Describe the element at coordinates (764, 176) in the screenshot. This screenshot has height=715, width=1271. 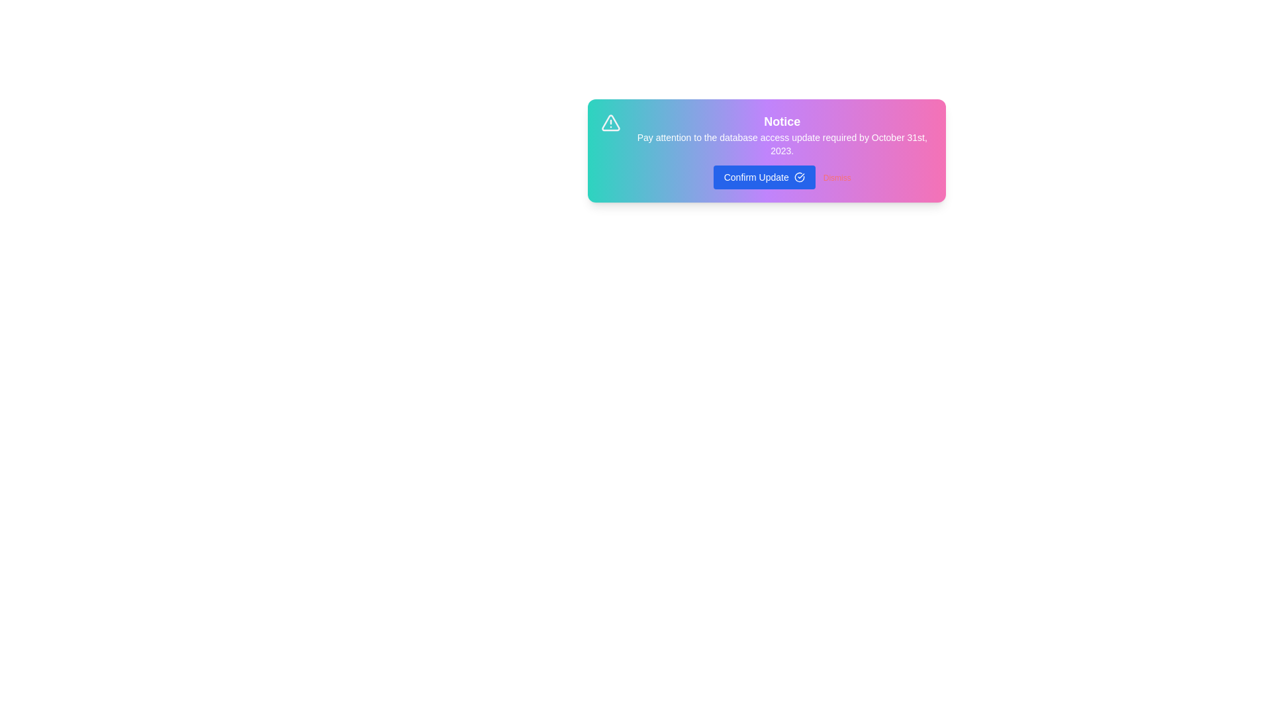
I see `the 'Confirm Update' button` at that location.